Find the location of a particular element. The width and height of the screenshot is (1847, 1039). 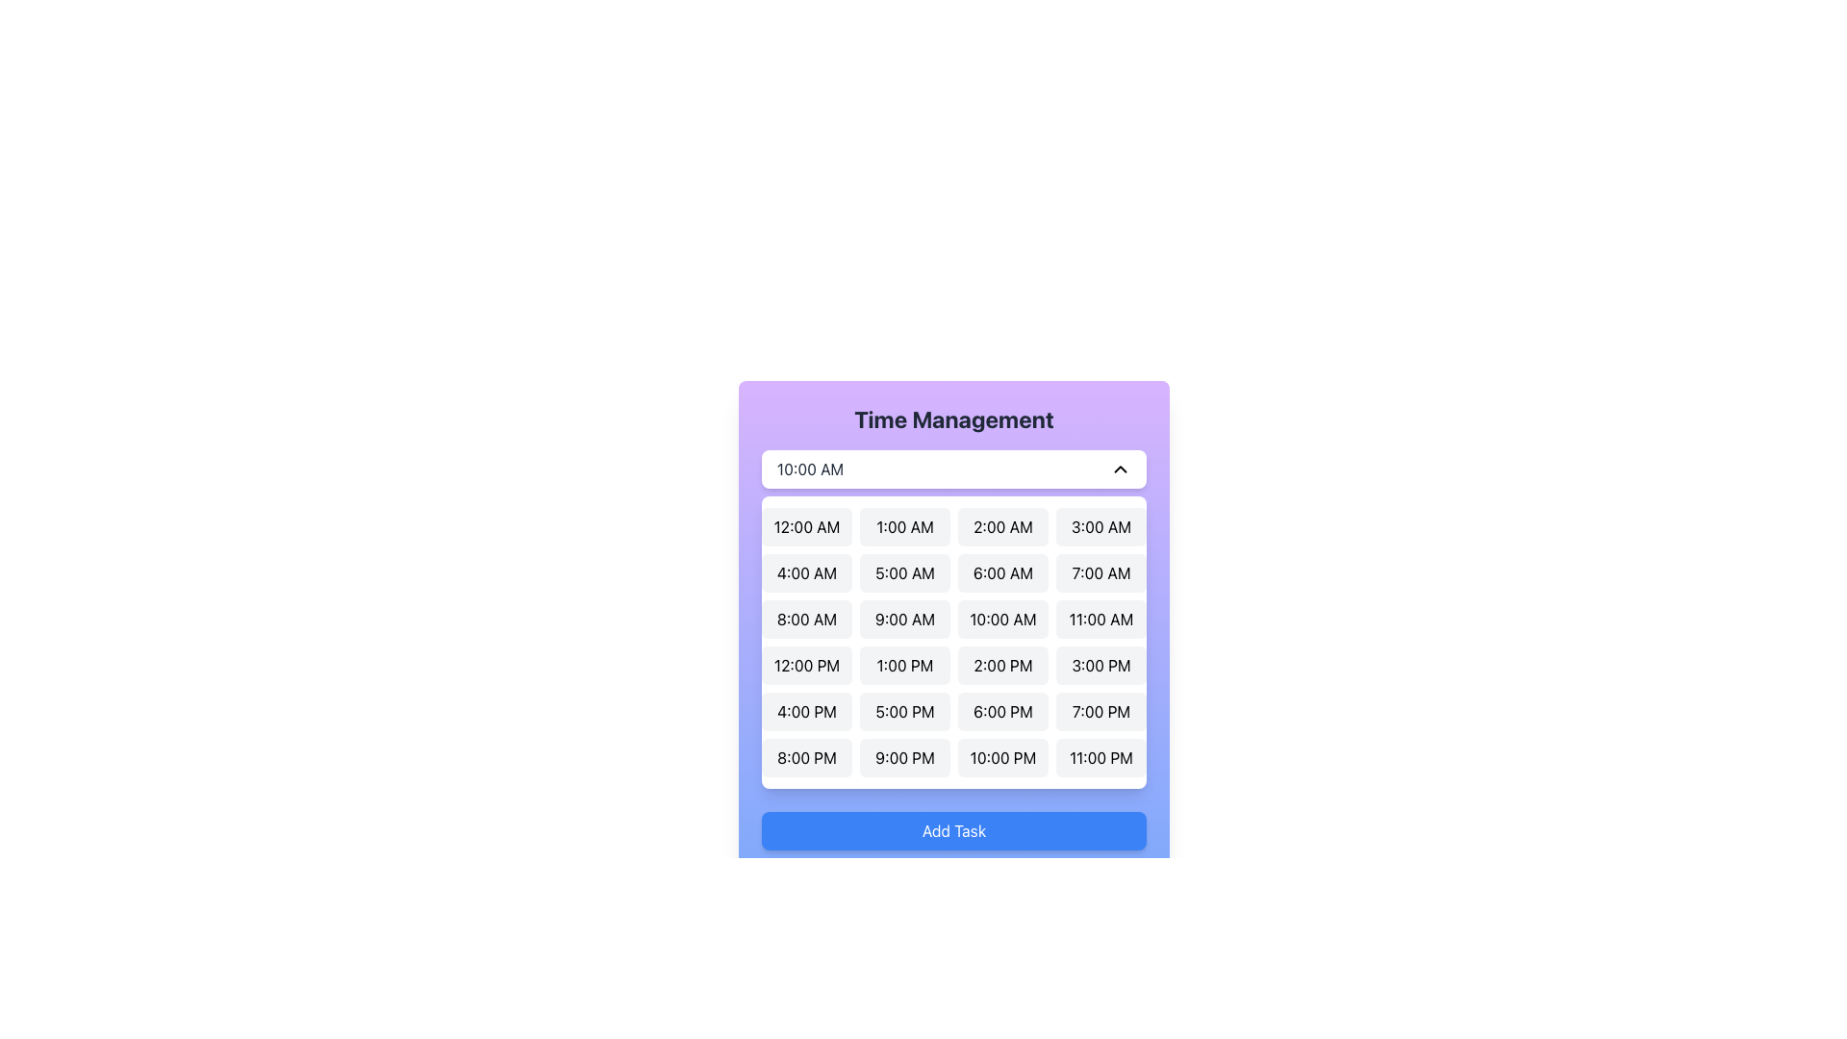

the '6:00 PM' button in the time management grid is located at coordinates (1001, 712).